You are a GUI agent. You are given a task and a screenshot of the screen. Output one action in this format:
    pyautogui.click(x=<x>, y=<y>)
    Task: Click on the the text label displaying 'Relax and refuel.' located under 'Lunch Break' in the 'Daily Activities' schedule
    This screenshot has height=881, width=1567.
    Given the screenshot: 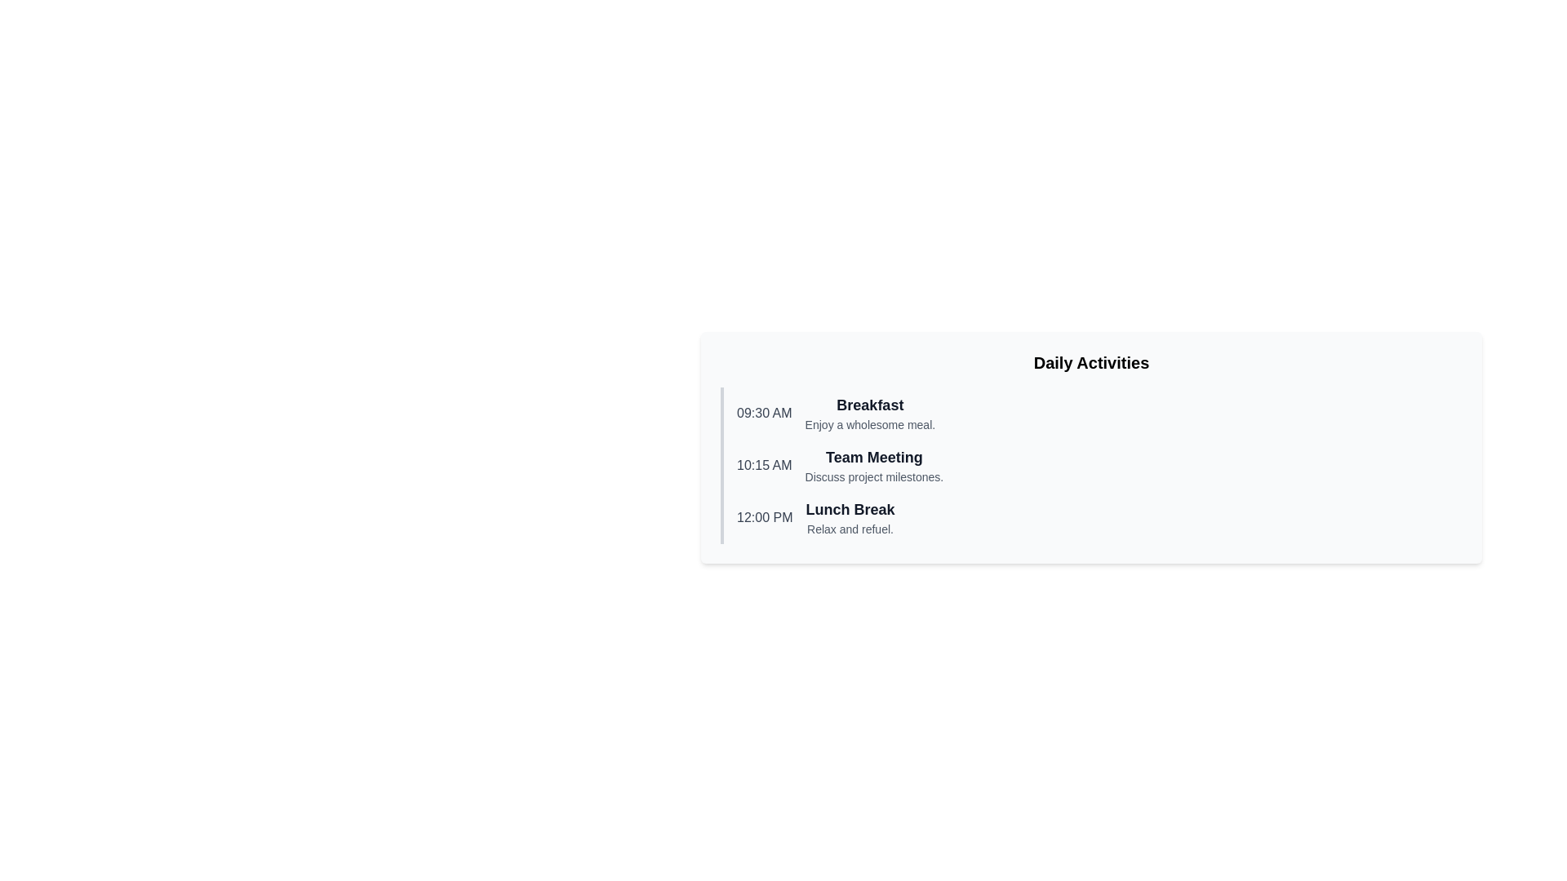 What is the action you would take?
    pyautogui.click(x=849, y=529)
    